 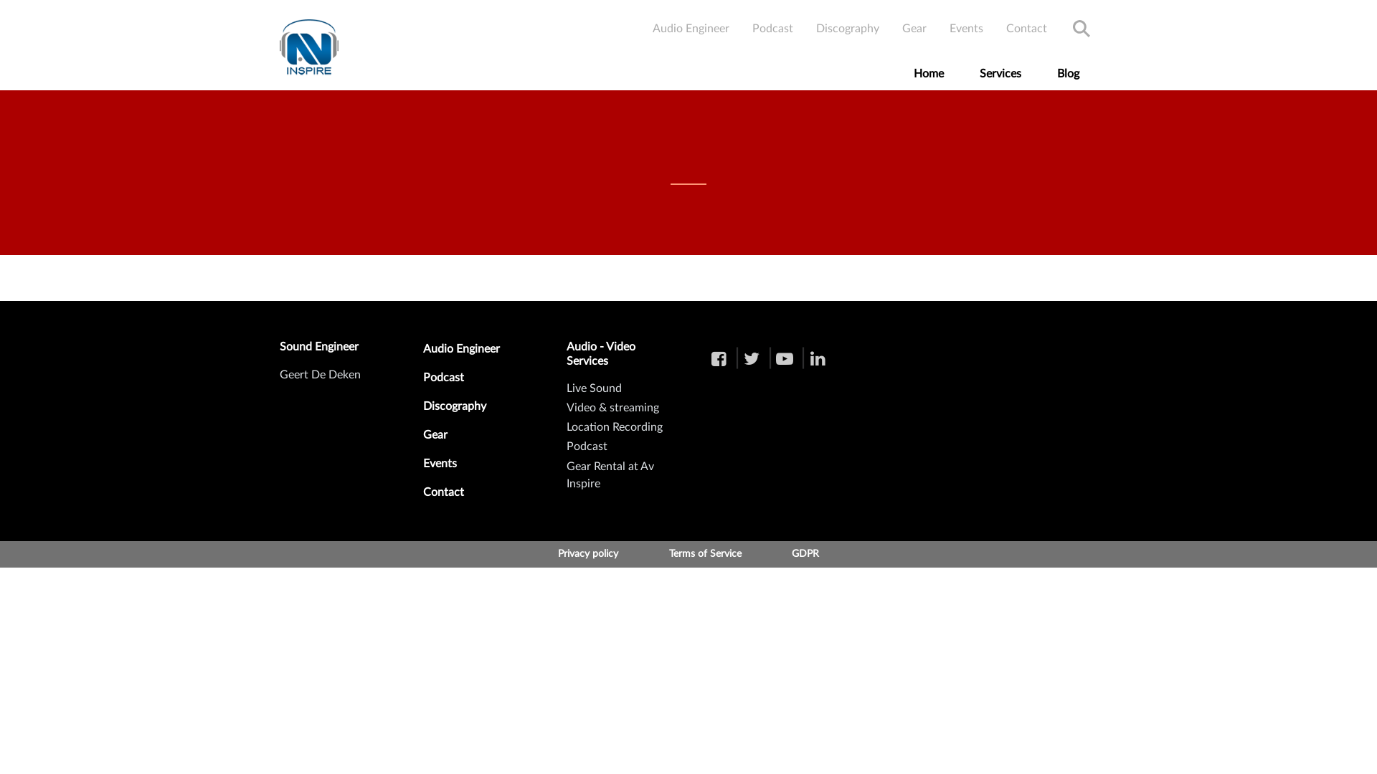 What do you see at coordinates (473, 439) in the screenshot?
I see `'Gear'` at bounding box center [473, 439].